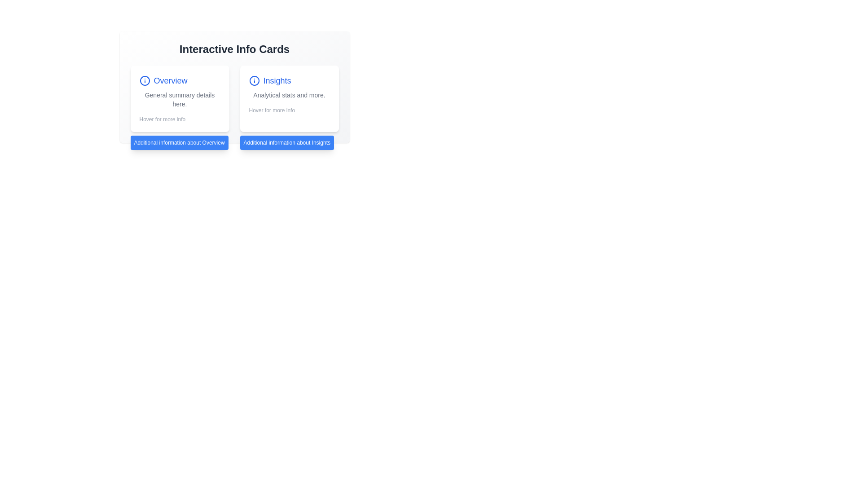 The width and height of the screenshot is (862, 485). What do you see at coordinates (180, 98) in the screenshot?
I see `the 'Overview' informational card which has a white background, rounded borders, and contains the title 'Overview' in blue, to visually understand its information` at bounding box center [180, 98].